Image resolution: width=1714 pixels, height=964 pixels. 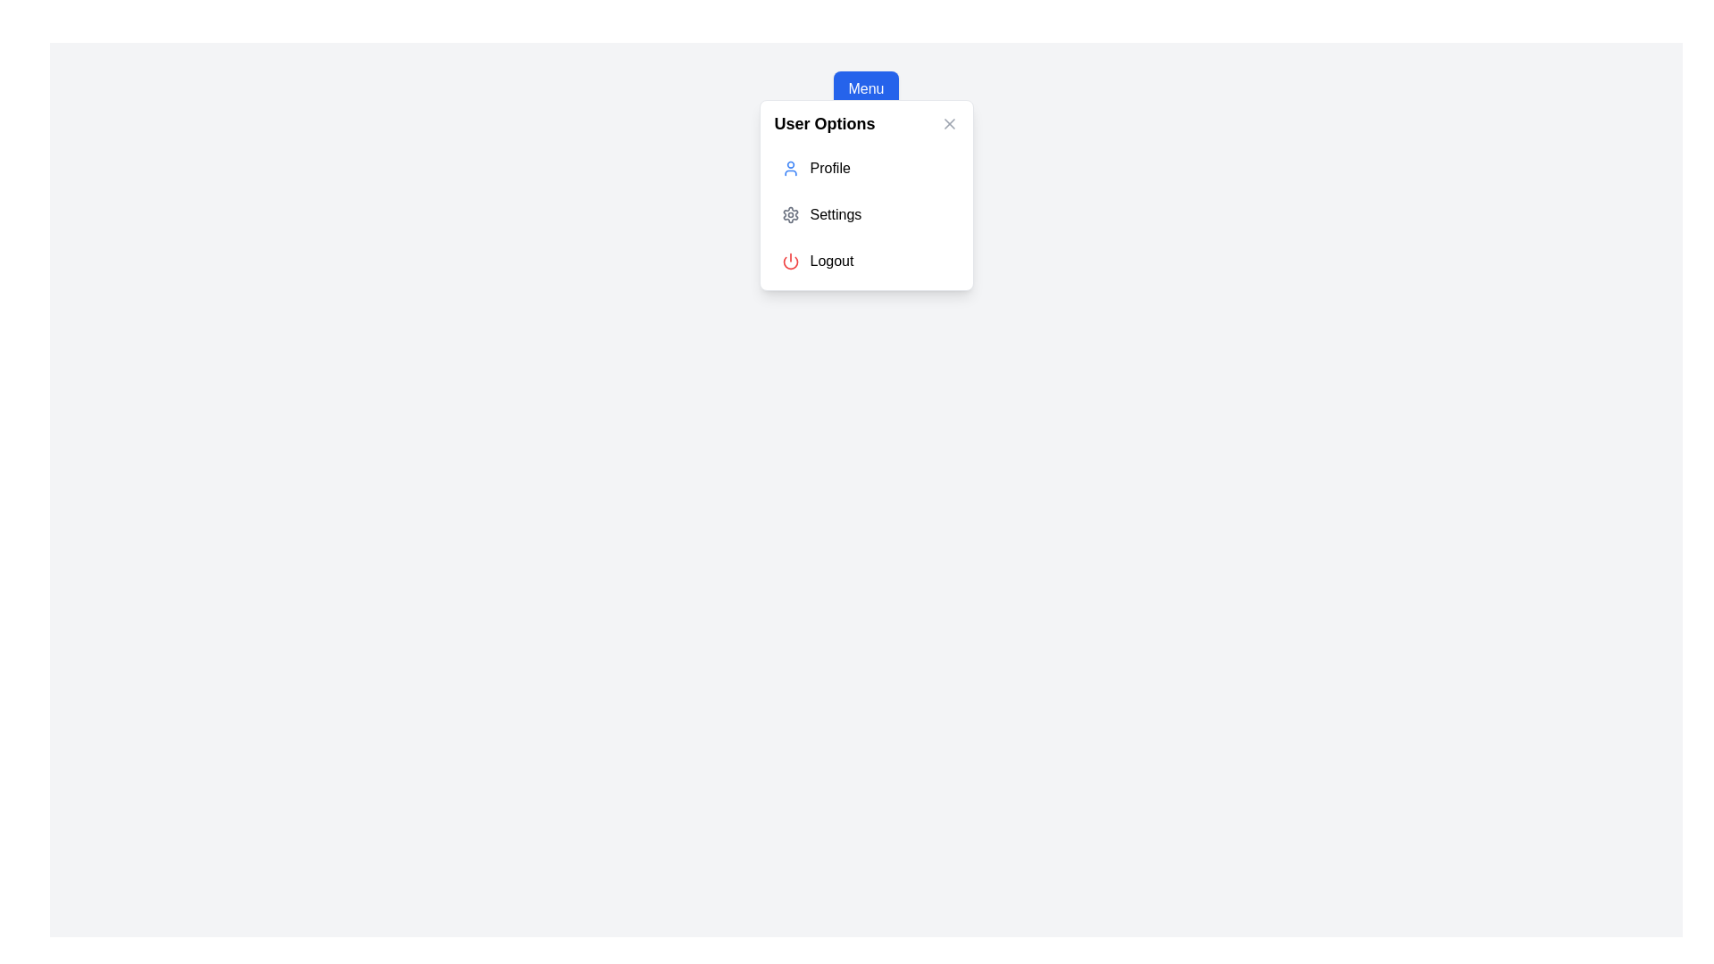 What do you see at coordinates (866, 122) in the screenshot?
I see `text of the 'User Options' header located at the top of the dropdown menu below the 'Menu' button` at bounding box center [866, 122].